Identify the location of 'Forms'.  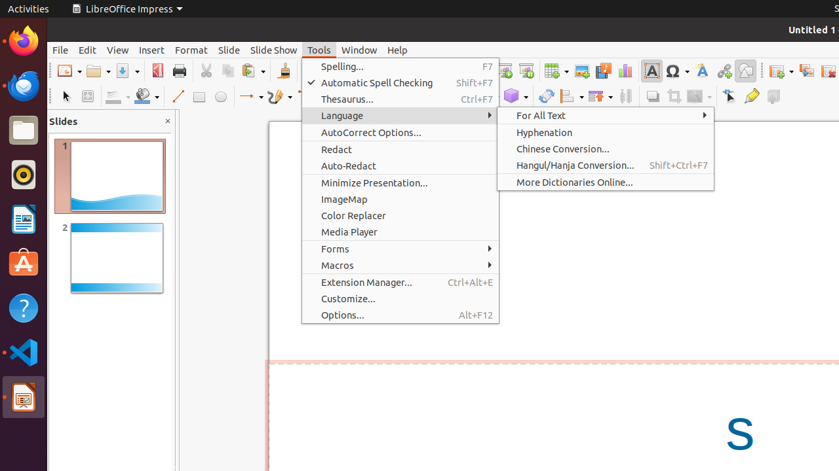
(399, 249).